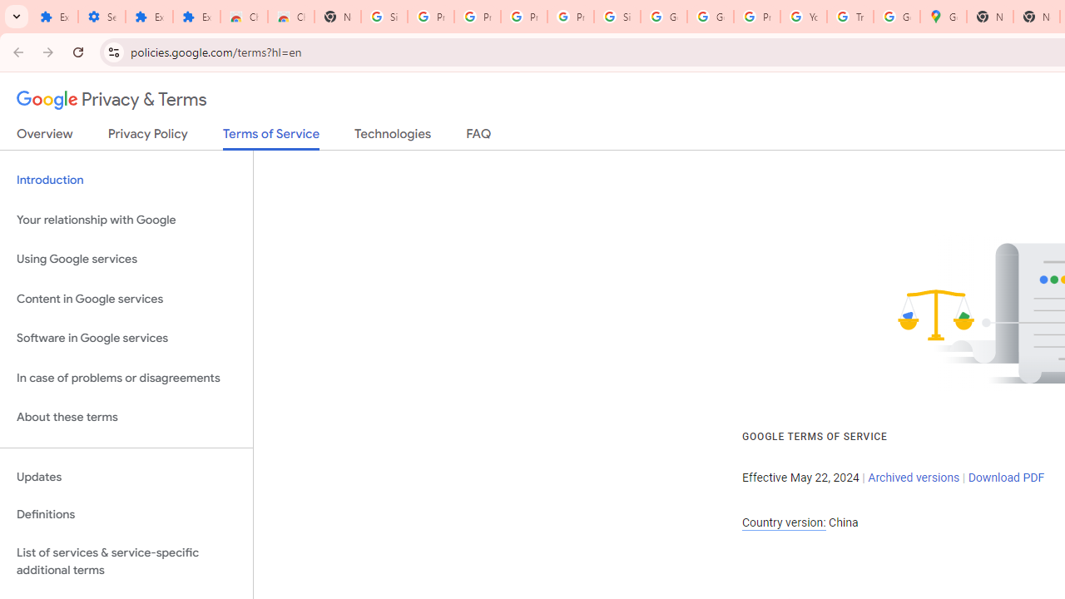 This screenshot has width=1065, height=599. What do you see at coordinates (243, 17) in the screenshot?
I see `'Chrome Web Store'` at bounding box center [243, 17].